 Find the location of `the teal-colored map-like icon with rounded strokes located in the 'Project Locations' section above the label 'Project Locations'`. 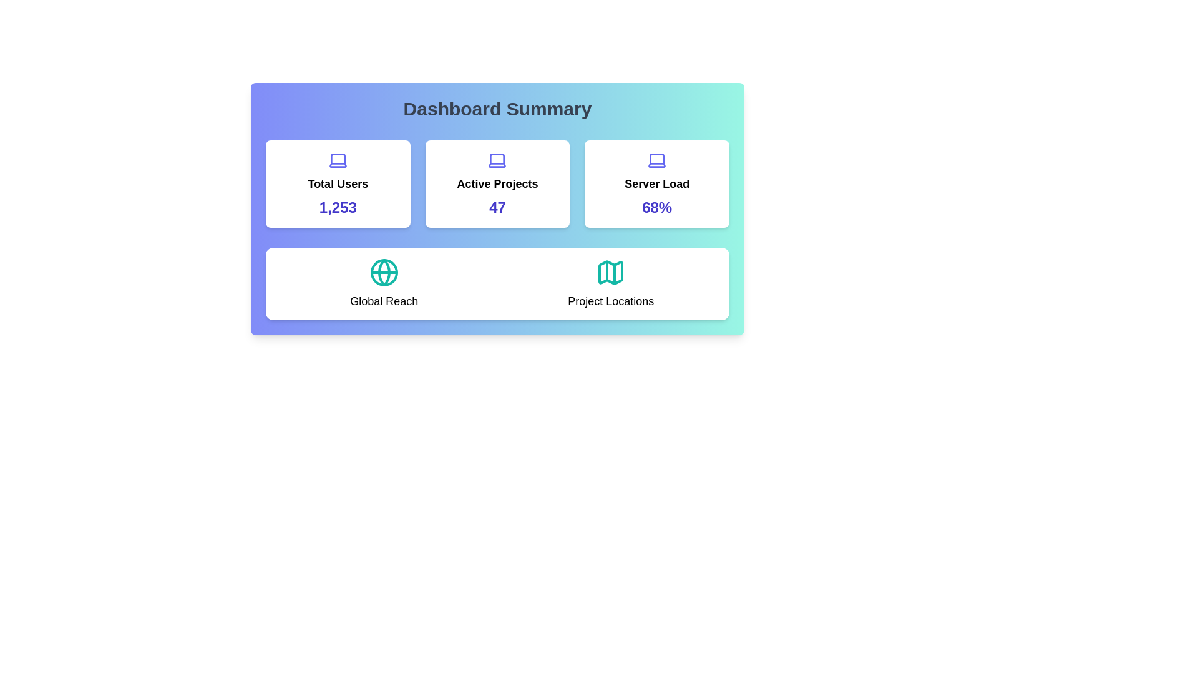

the teal-colored map-like icon with rounded strokes located in the 'Project Locations' section above the label 'Project Locations' is located at coordinates (611, 271).